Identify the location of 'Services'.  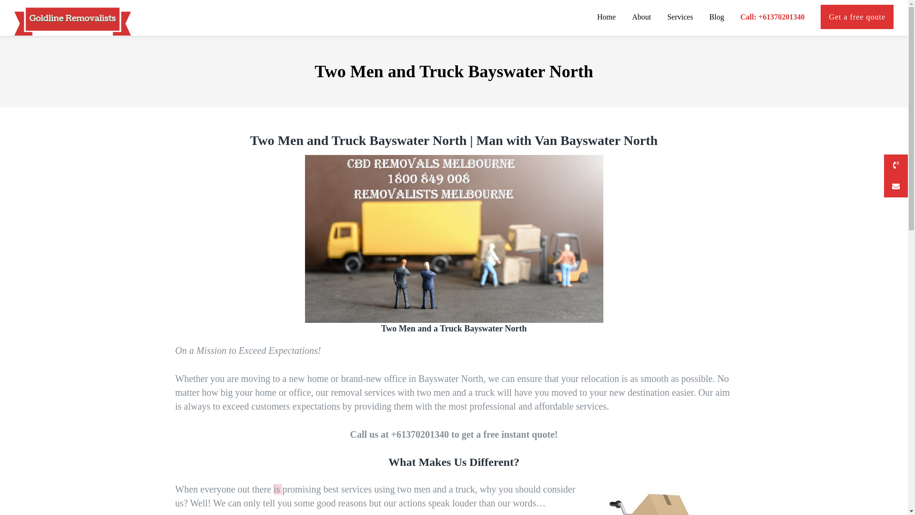
(679, 18).